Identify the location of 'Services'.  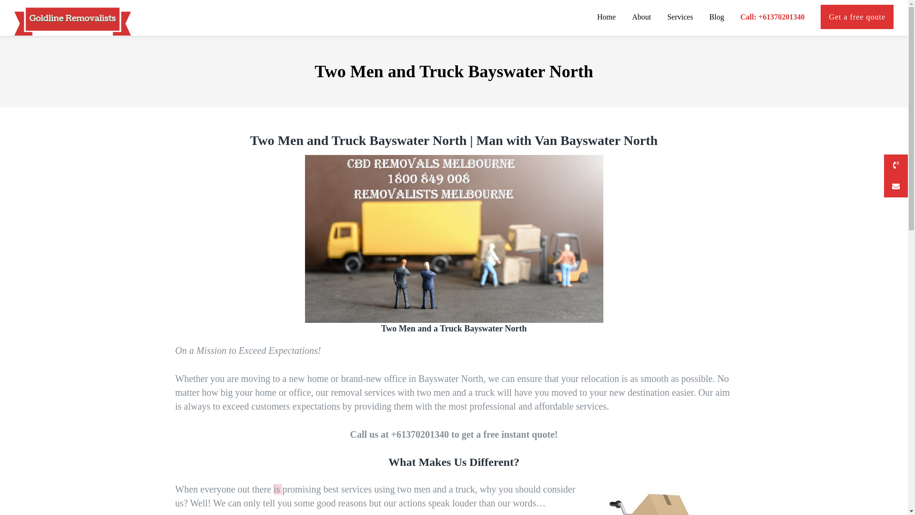
(679, 18).